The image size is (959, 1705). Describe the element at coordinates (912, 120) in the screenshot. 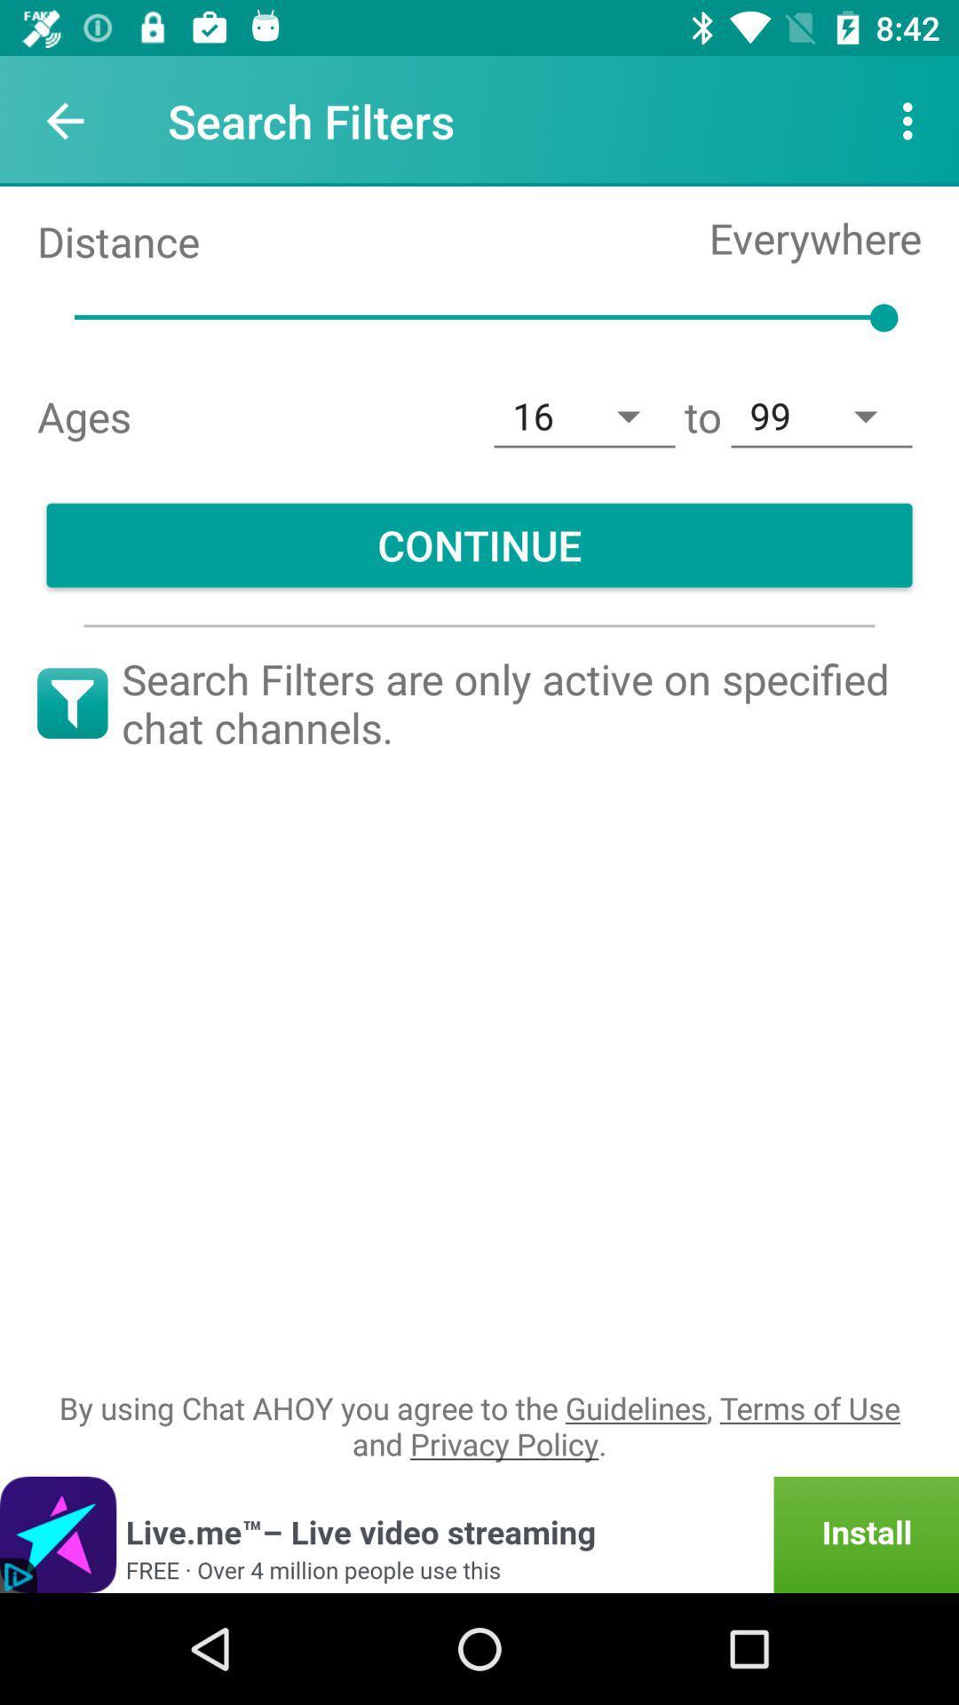

I see `the icon to the right of the search filters` at that location.